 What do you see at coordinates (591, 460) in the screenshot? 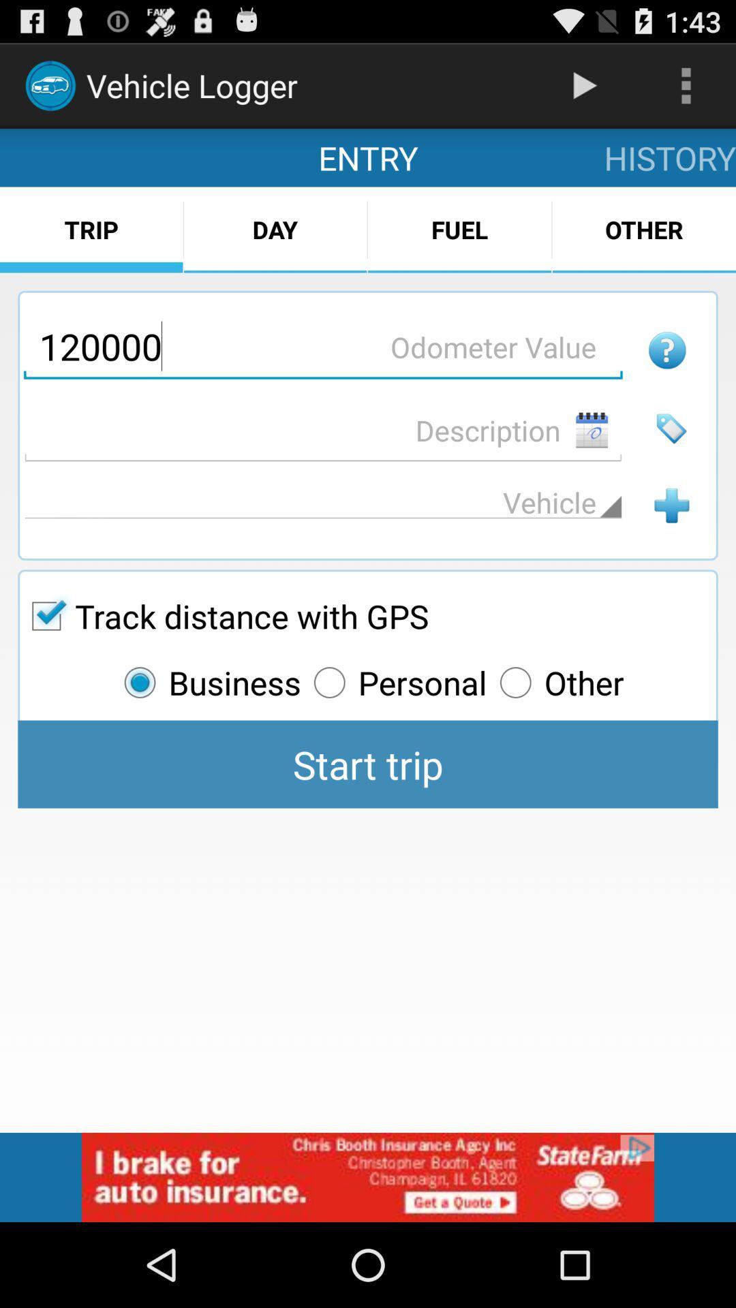
I see `the date_range icon` at bounding box center [591, 460].